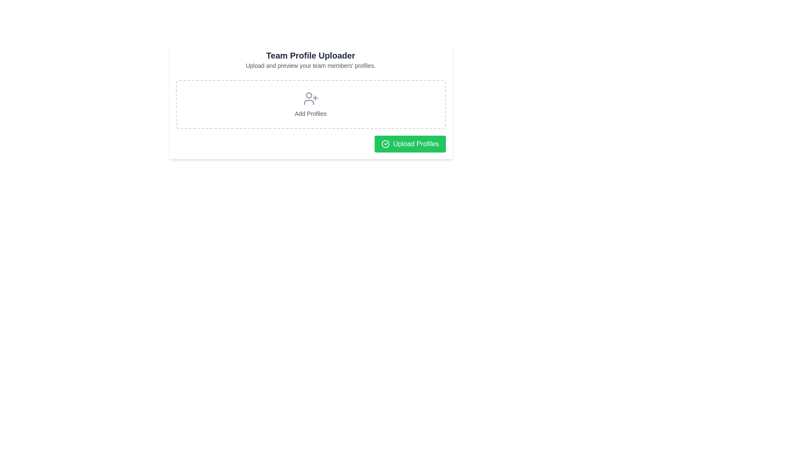 Image resolution: width=810 pixels, height=455 pixels. What do you see at coordinates (385, 144) in the screenshot?
I see `the first SVG graphical element of the icon located near the bottom-right corner of the 'Upload Profiles' button` at bounding box center [385, 144].